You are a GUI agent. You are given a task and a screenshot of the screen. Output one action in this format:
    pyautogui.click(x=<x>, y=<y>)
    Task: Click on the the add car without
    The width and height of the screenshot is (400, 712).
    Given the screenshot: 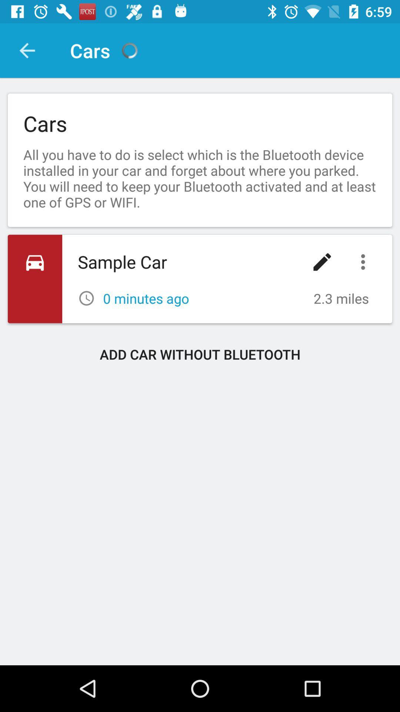 What is the action you would take?
    pyautogui.click(x=200, y=354)
    